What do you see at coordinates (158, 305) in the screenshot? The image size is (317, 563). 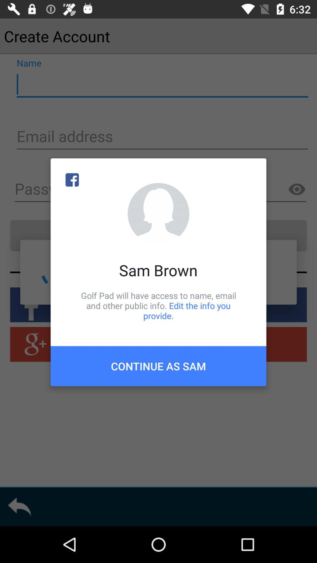 I see `icon below sam brown icon` at bounding box center [158, 305].